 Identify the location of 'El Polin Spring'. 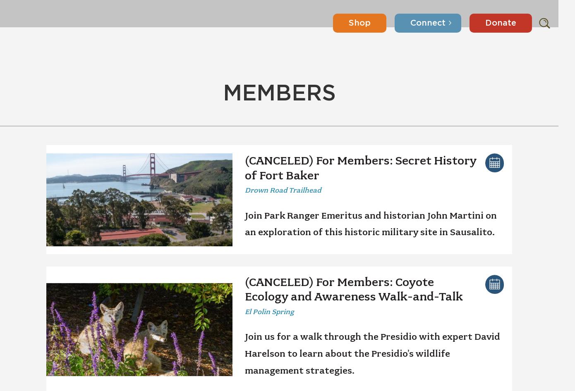
(268, 311).